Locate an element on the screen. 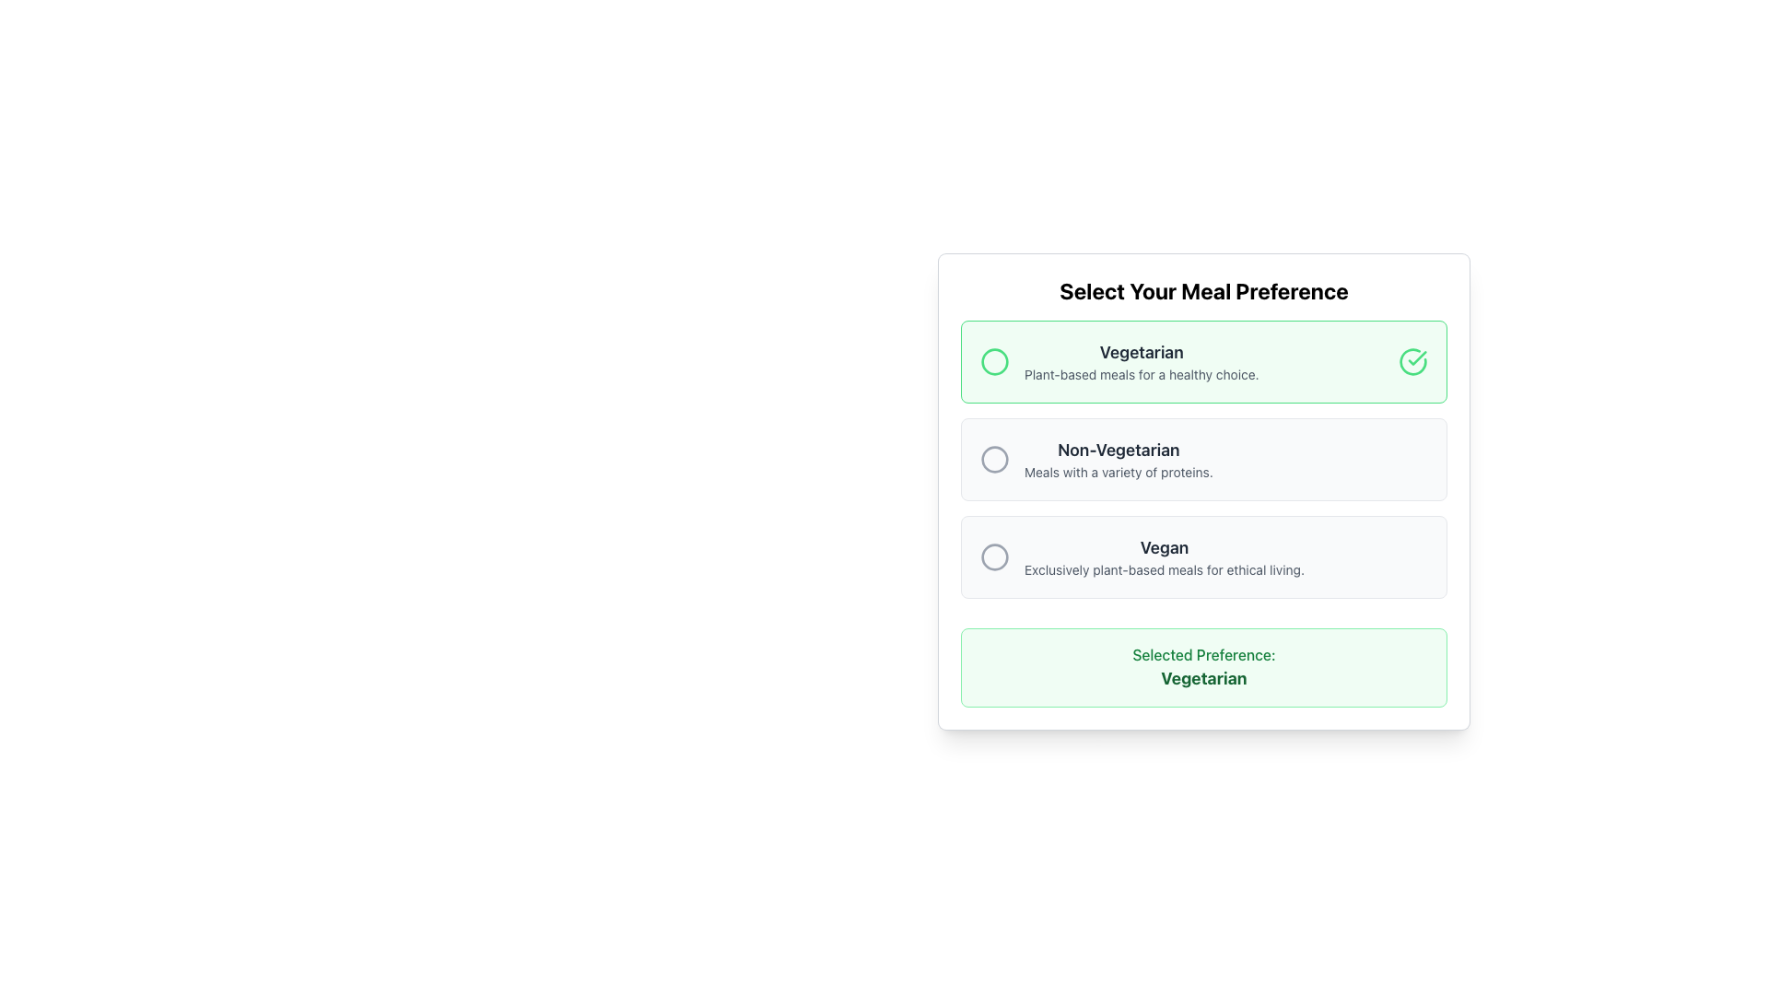 Image resolution: width=1769 pixels, height=995 pixels. the radio button on the Vegan card, which is the third option in the list of dietary preferences is located at coordinates (1203, 556).